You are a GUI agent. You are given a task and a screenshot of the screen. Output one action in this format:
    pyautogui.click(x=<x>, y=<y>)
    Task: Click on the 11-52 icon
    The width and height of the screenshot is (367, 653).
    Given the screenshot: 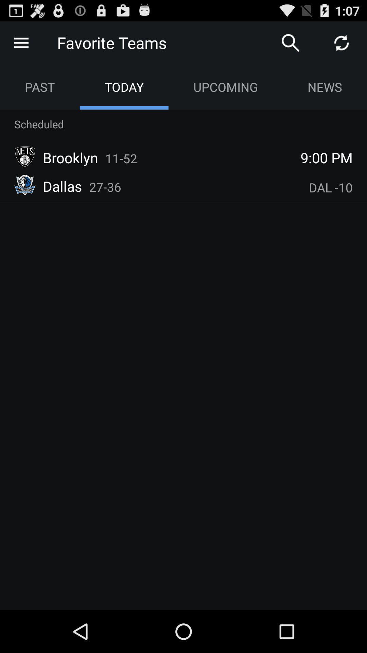 What is the action you would take?
    pyautogui.click(x=121, y=158)
    